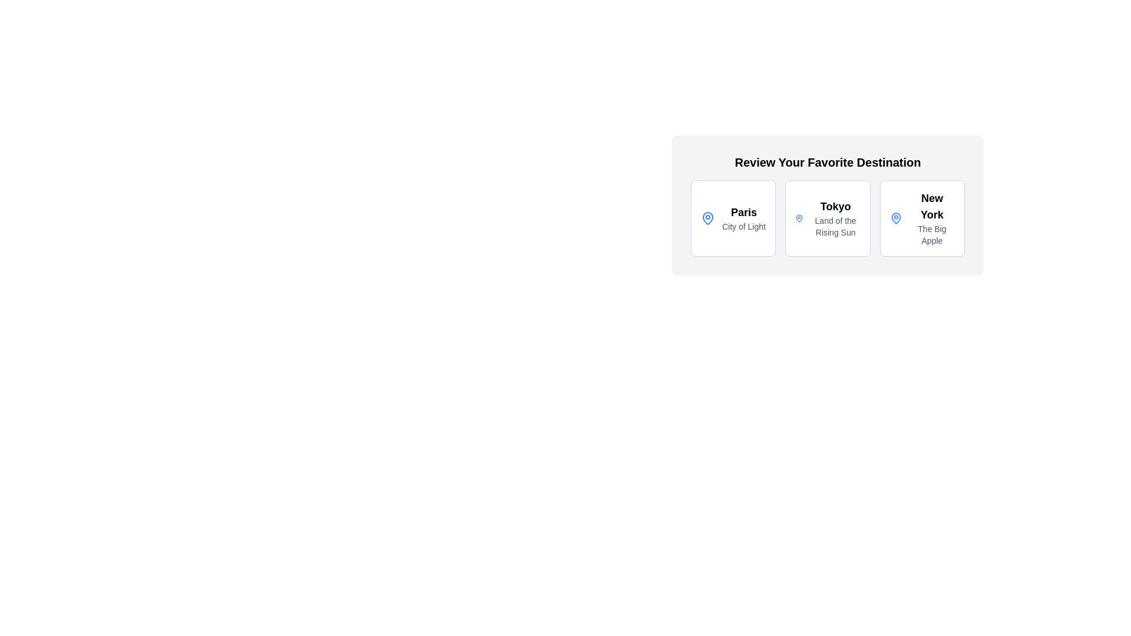 The height and width of the screenshot is (636, 1131). I want to click on the geographical icon related to the 'New York' label, which is positioned in the top-left portion of the 'New York' section, so click(895, 218).